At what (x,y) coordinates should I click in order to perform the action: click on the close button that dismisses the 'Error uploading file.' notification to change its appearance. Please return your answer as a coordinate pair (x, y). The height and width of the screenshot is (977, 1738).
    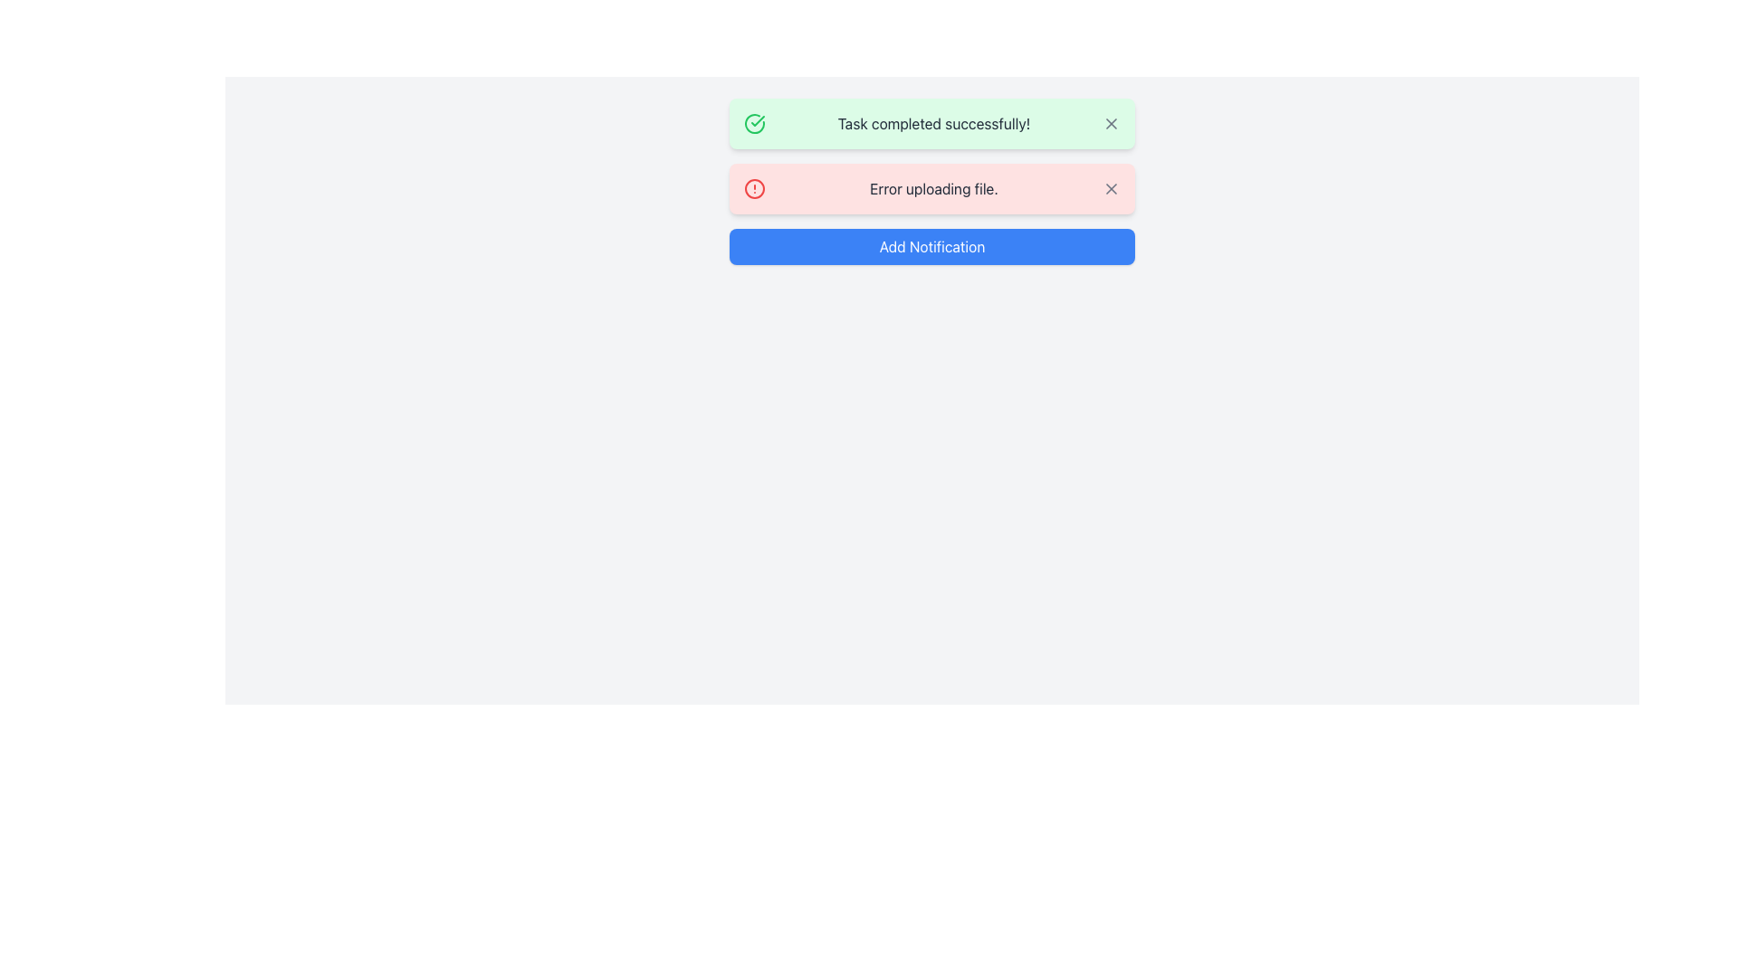
    Looking at the image, I should click on (1111, 188).